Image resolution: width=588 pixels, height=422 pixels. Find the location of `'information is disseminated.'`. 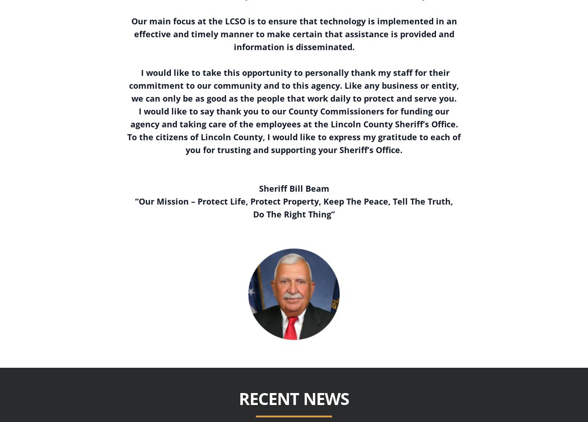

'information is disseminated.' is located at coordinates (293, 46).